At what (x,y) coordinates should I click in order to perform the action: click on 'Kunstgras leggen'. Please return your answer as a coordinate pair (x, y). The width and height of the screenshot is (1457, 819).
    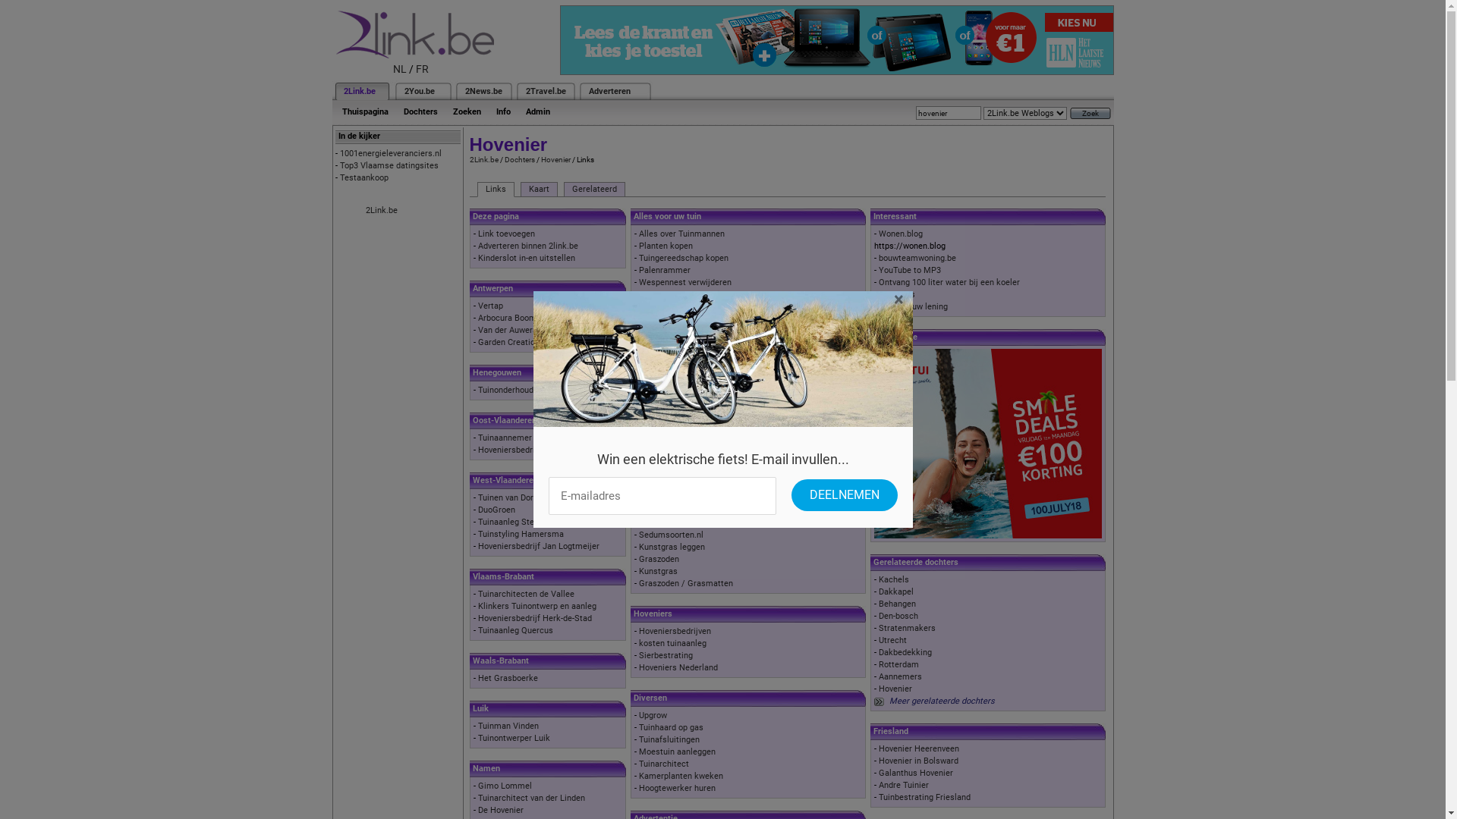
    Looking at the image, I should click on (638, 547).